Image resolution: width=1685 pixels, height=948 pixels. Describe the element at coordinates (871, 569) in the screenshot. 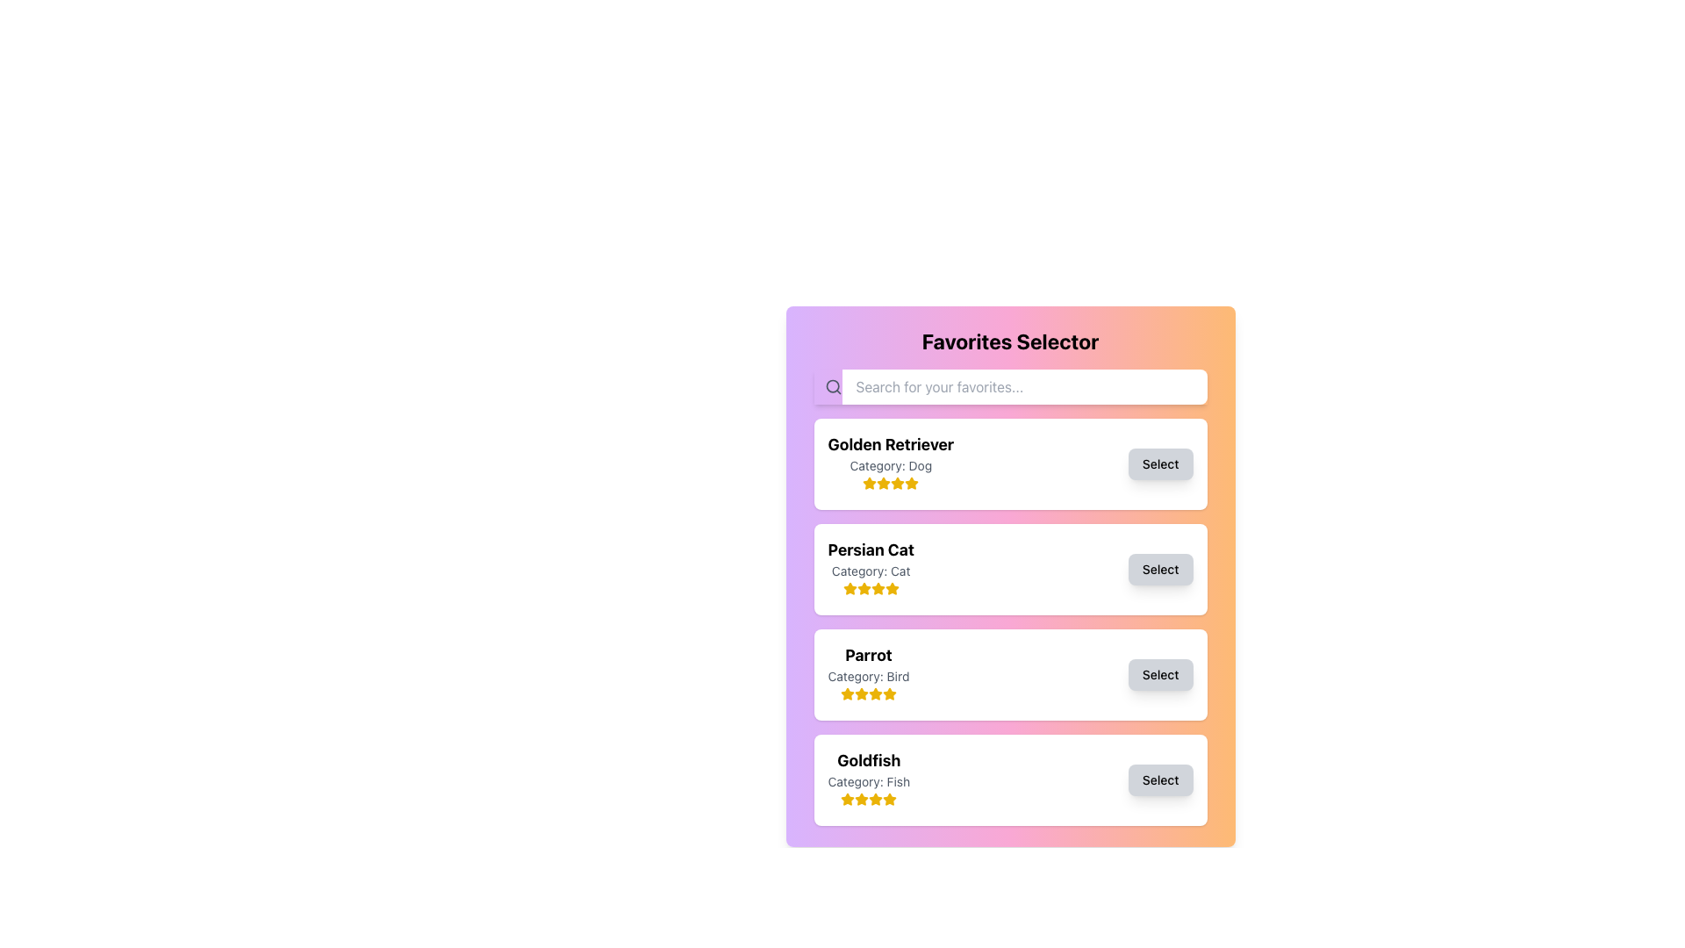

I see `the 'Persian Cat' text display with star rating in the 'Favorites Selector' section` at that location.